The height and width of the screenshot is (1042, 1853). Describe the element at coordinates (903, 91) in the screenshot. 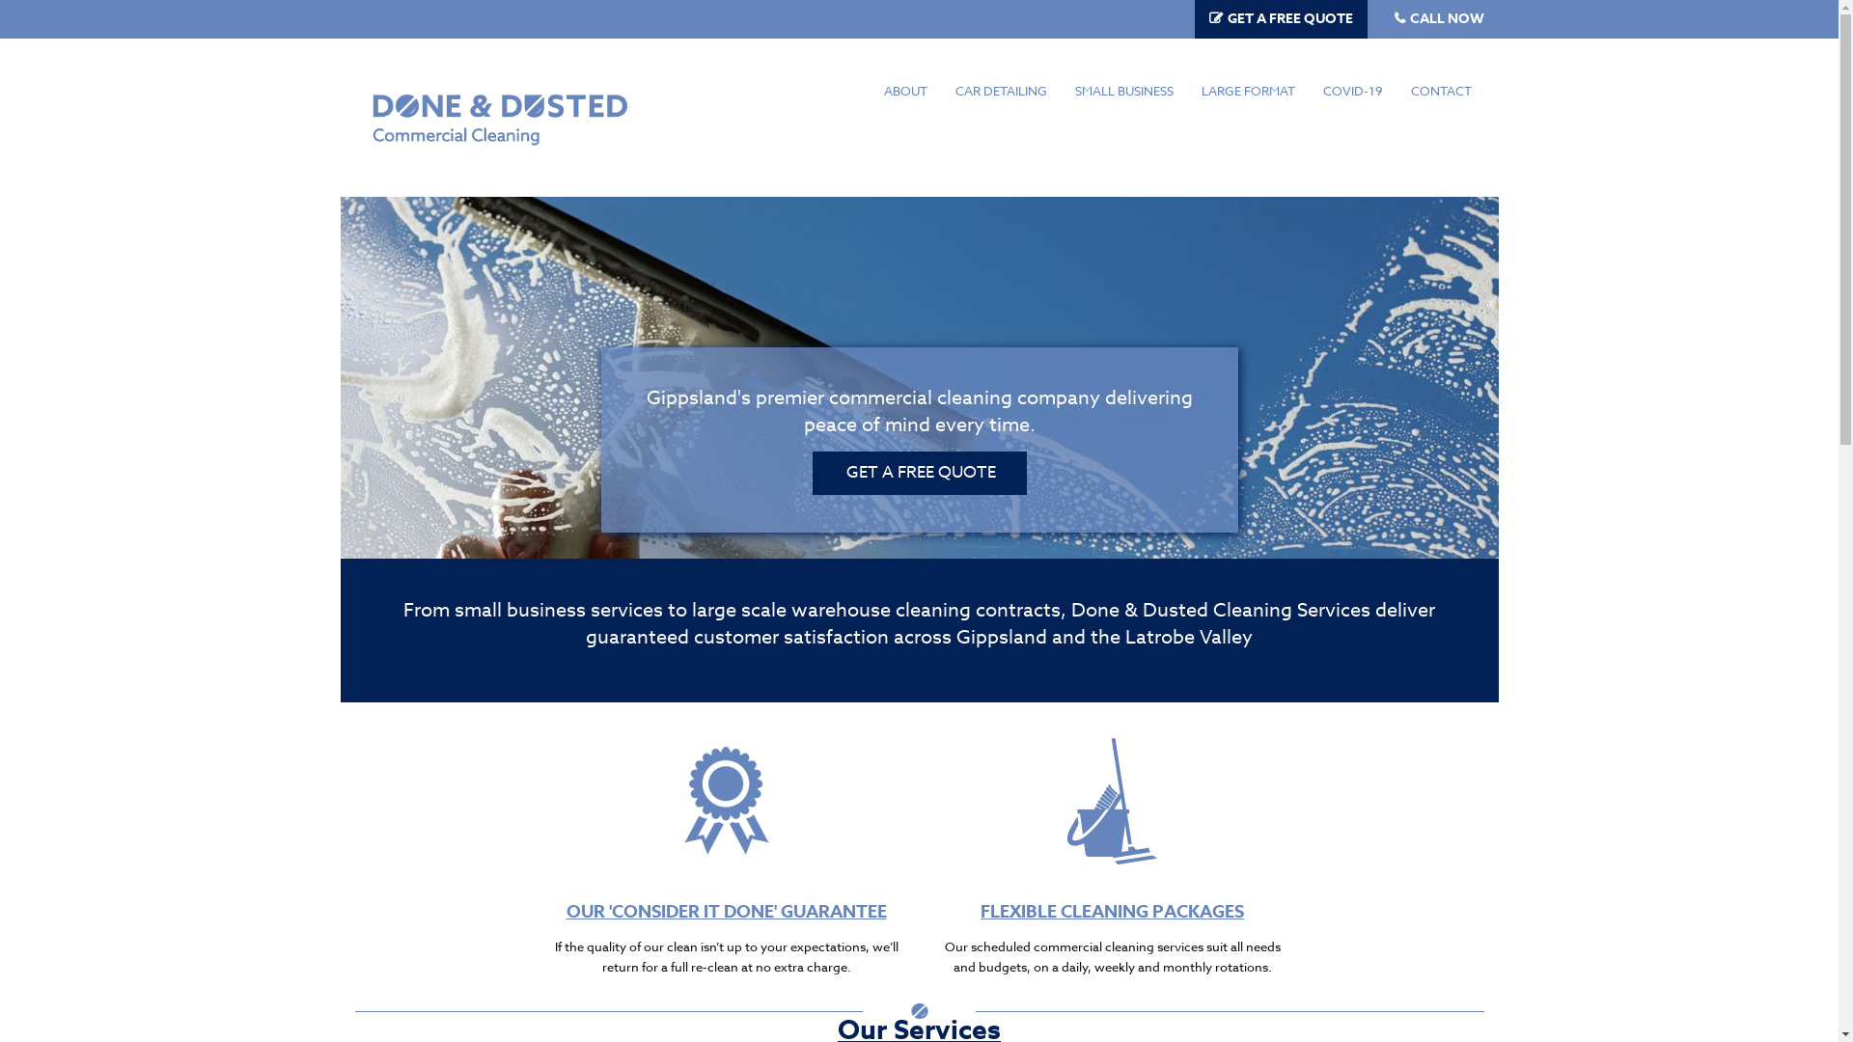

I see `'ABOUT'` at that location.